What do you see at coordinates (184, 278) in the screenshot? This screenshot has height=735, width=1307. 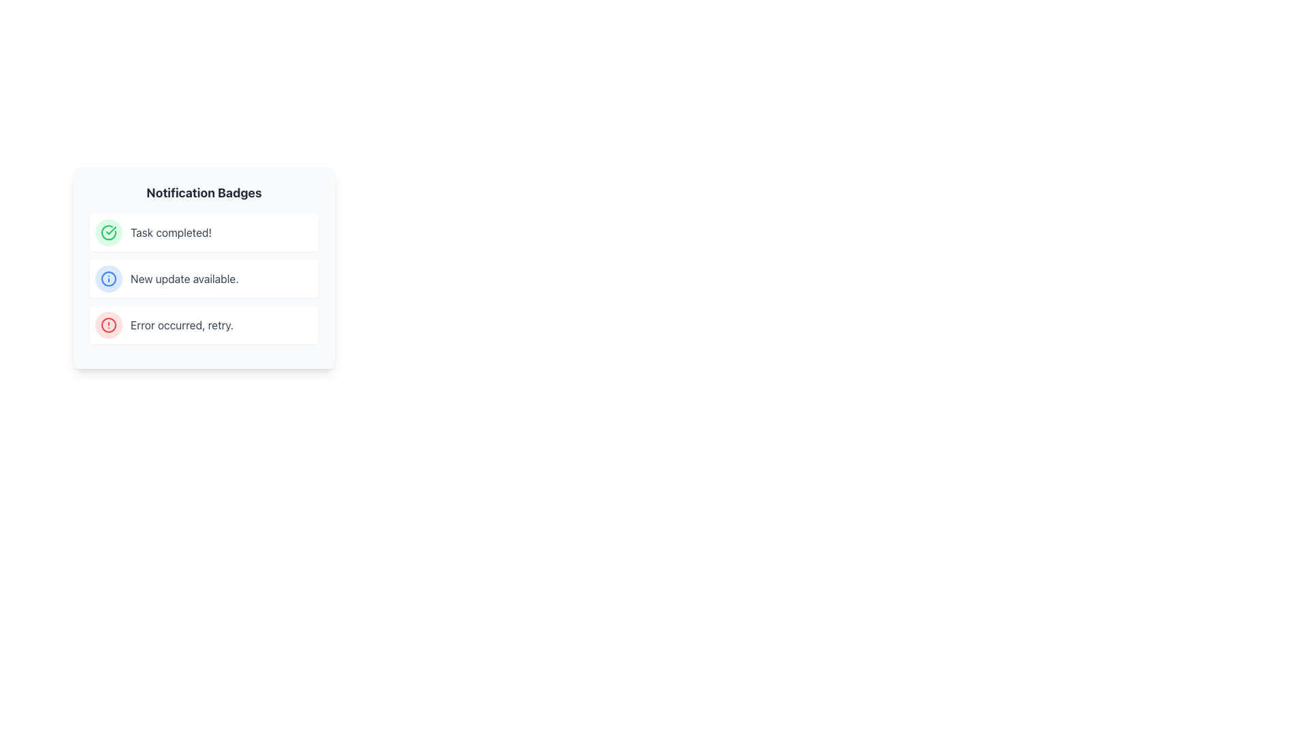 I see `information displayed in the static text label that shows 'New update available.' located in the second notification panel` at bounding box center [184, 278].